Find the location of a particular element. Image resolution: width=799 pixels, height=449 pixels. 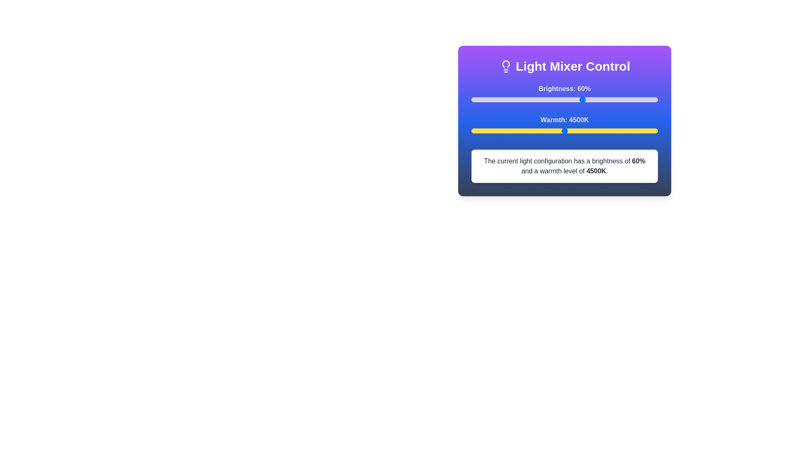

the warmth slider to set the warmth level to 3219 K is located at coordinates (516, 131).